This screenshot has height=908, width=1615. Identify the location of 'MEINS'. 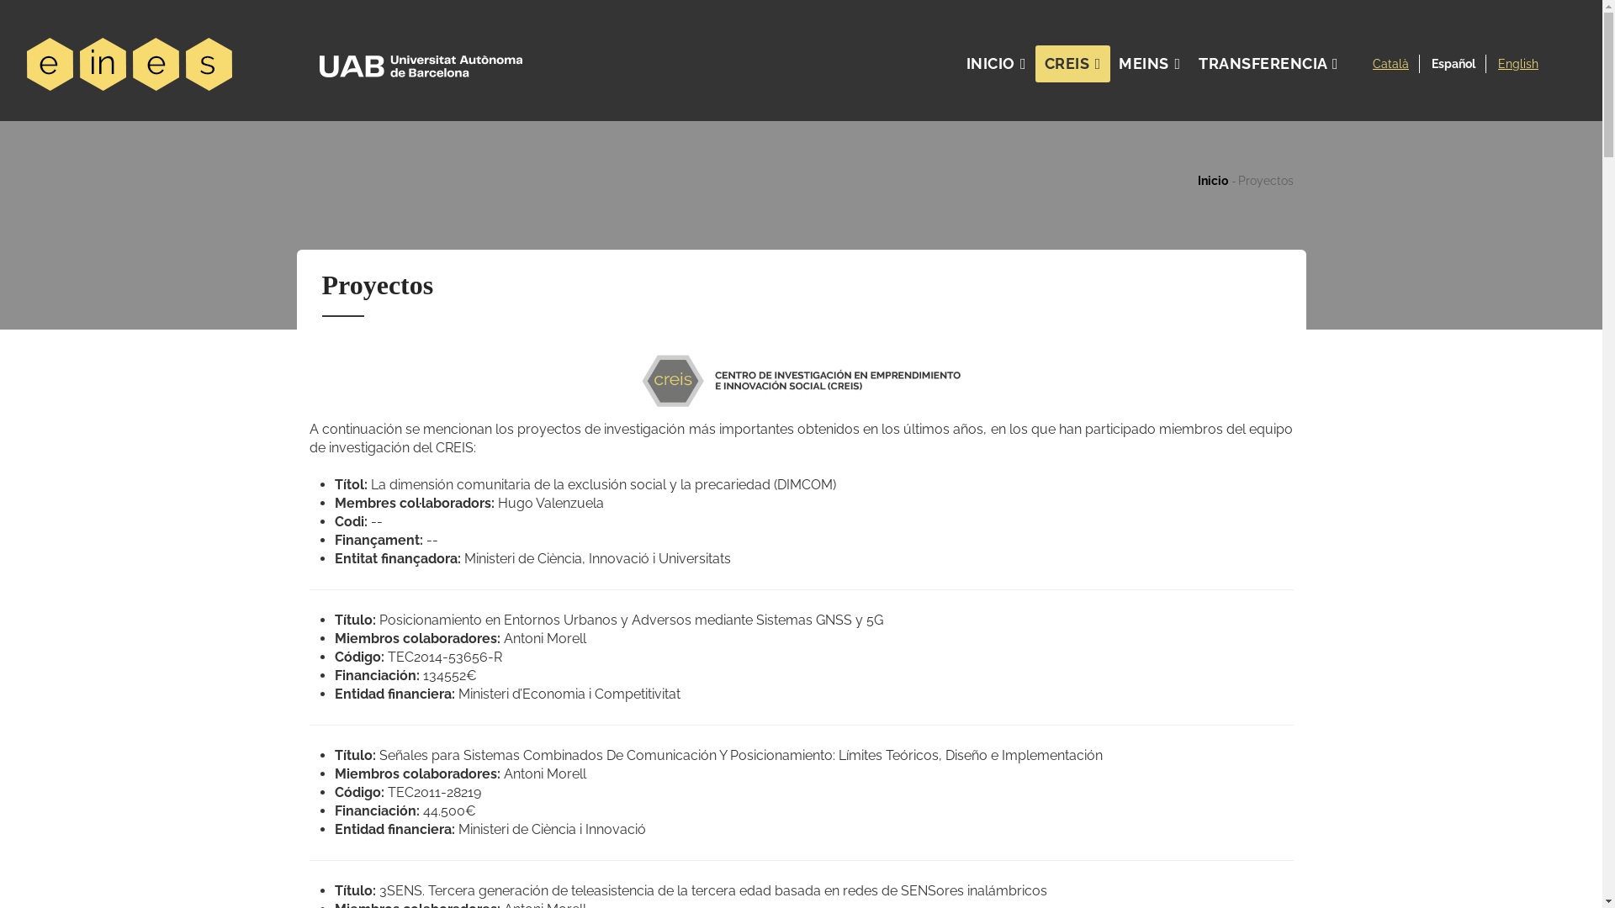
(1110, 63).